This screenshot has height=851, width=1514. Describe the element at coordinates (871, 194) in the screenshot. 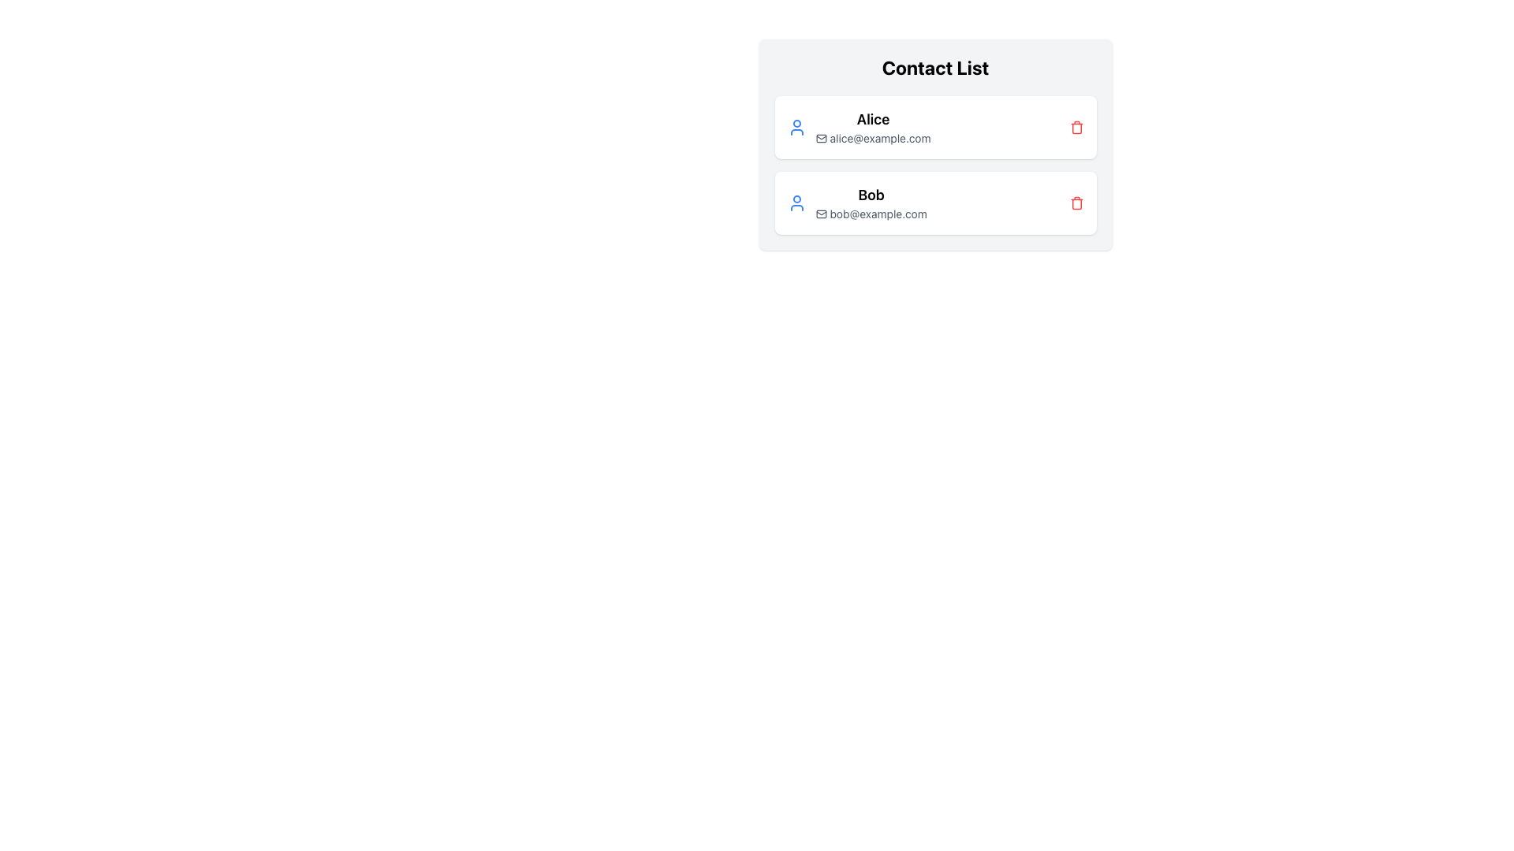

I see `the static text label that serves as the name for the contact entry in the contact list, positioned above the email address 'bob@example.com'` at that location.